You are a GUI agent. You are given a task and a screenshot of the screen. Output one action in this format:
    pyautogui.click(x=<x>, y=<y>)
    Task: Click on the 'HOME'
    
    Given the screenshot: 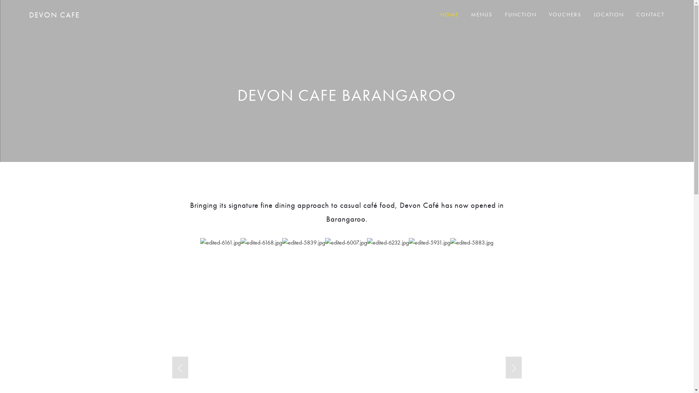 What is the action you would take?
    pyautogui.click(x=449, y=14)
    